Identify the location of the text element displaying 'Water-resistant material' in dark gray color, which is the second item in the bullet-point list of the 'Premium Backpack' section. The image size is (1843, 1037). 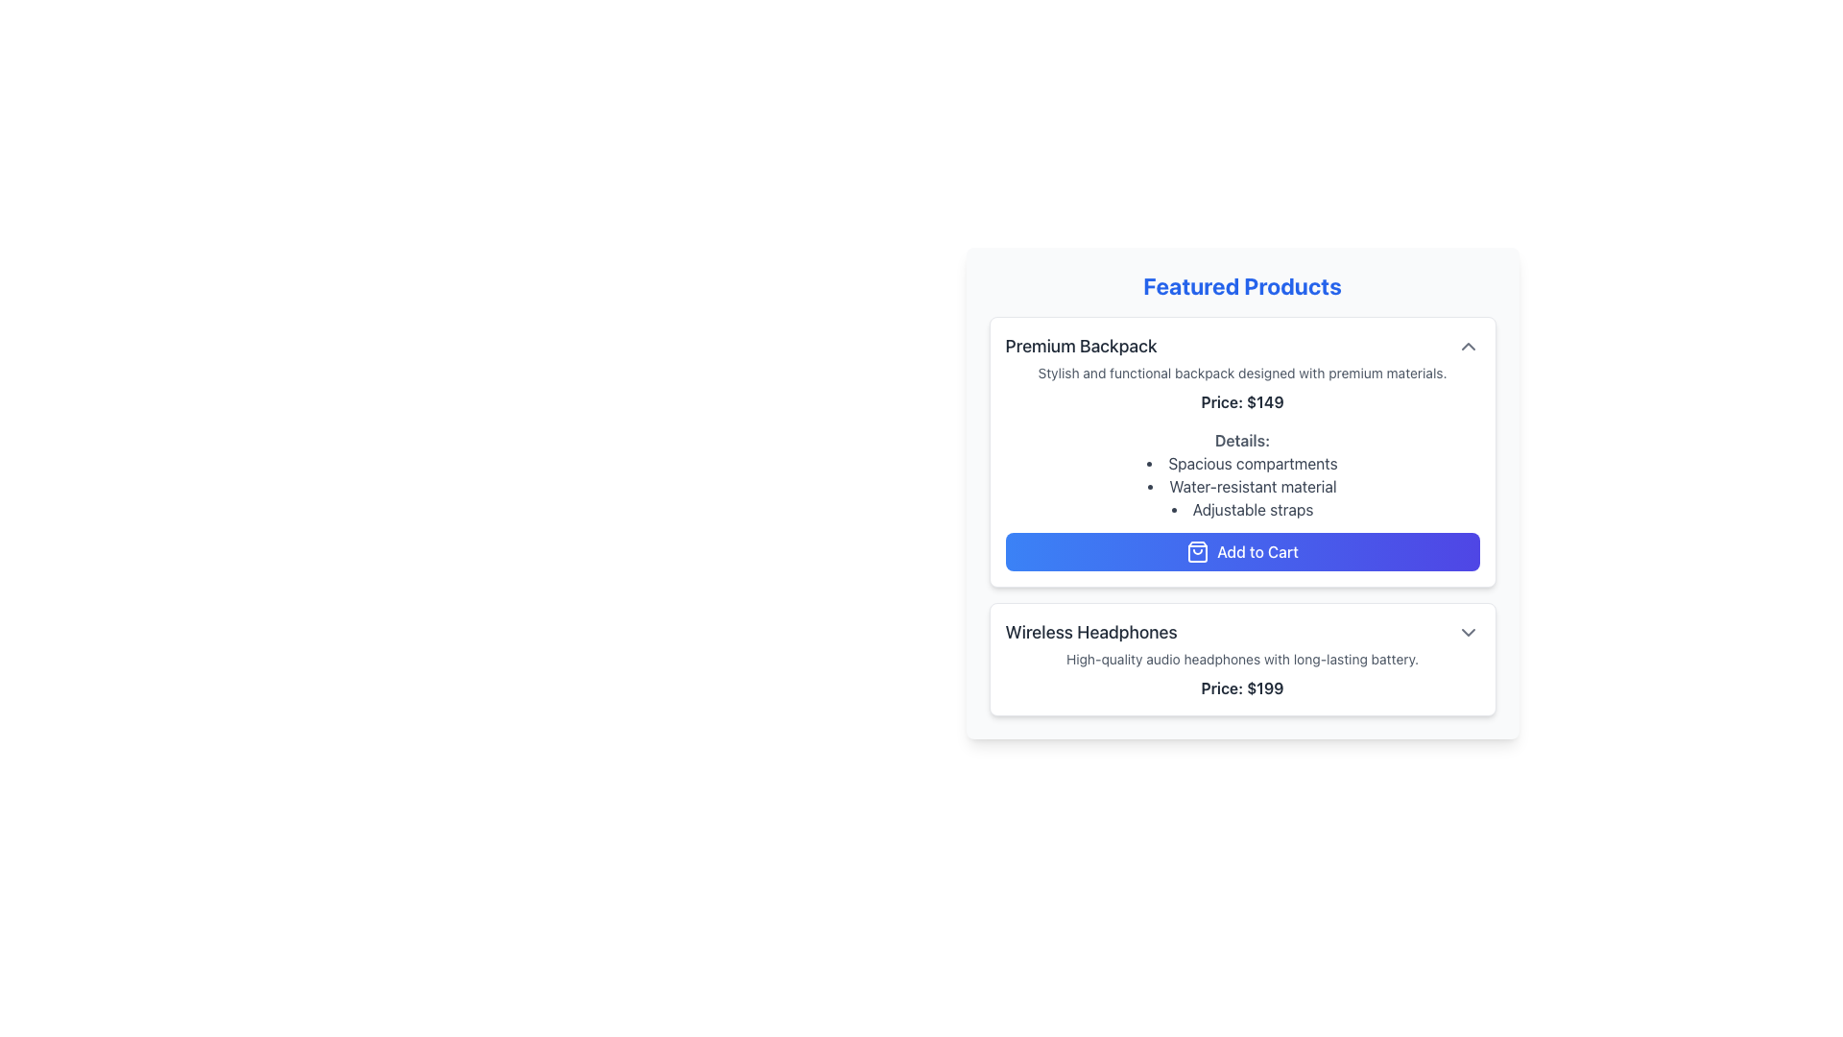
(1242, 485).